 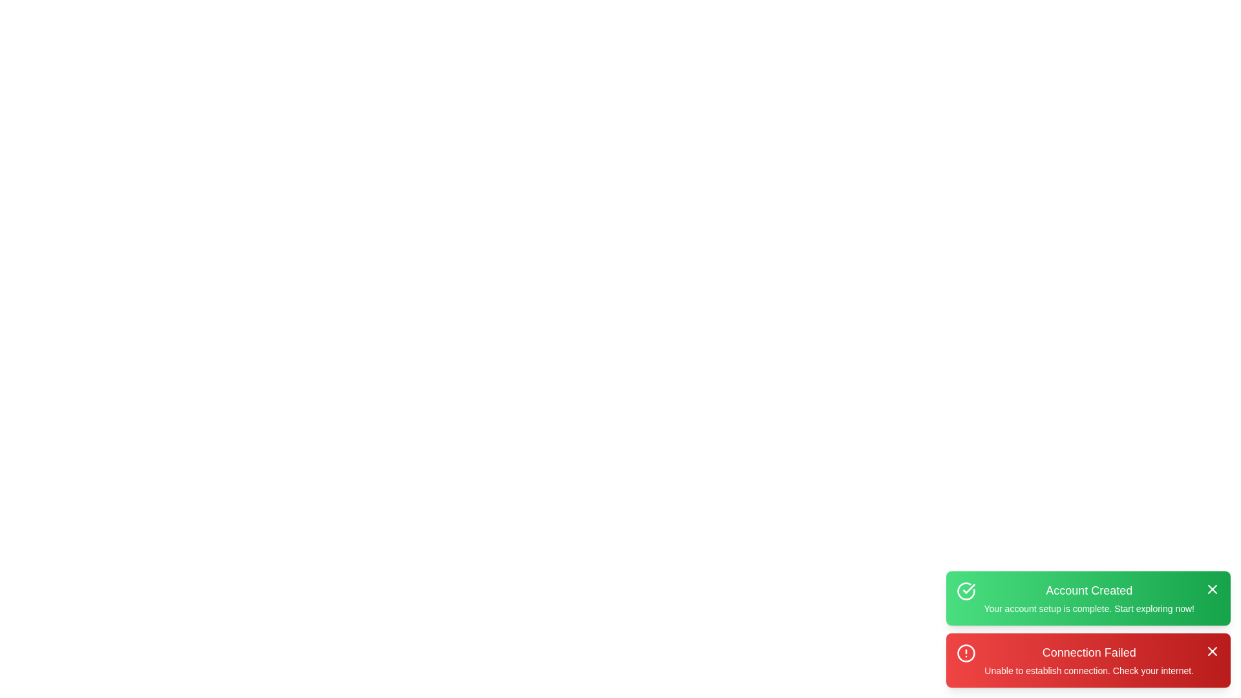 What do you see at coordinates (1212, 589) in the screenshot?
I see `close button on the notification with title 'Account Created'` at bounding box center [1212, 589].